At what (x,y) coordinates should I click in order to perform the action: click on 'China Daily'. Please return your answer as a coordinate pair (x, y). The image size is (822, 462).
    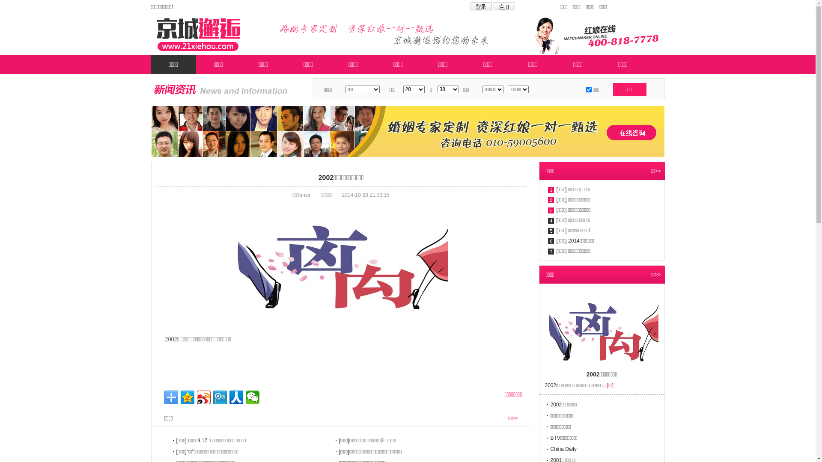
    Looking at the image, I should click on (563, 448).